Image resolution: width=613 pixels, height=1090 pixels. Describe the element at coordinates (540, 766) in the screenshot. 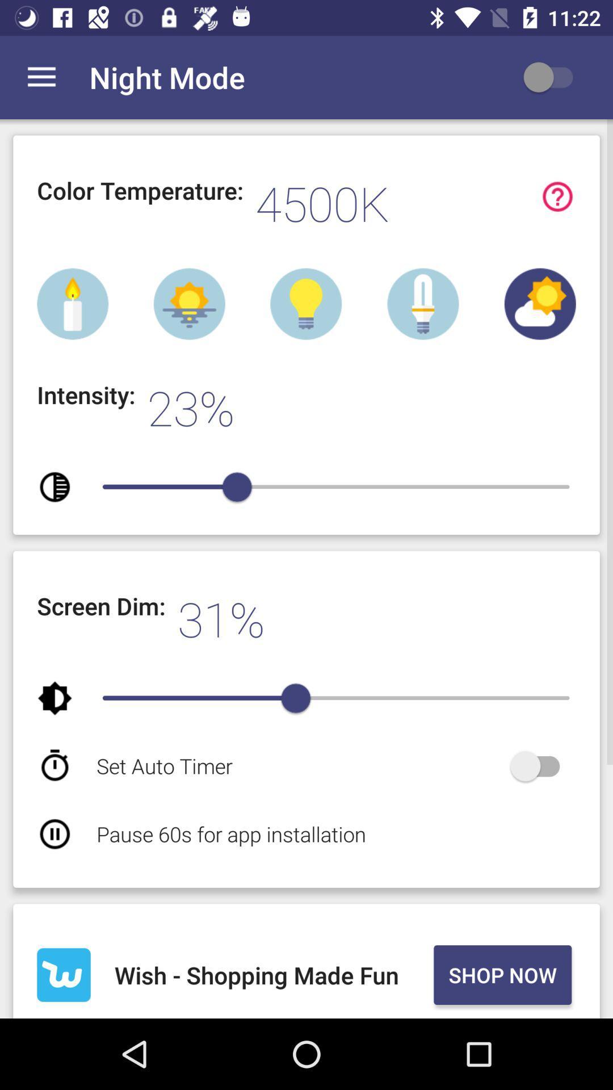

I see `auto timer option` at that location.